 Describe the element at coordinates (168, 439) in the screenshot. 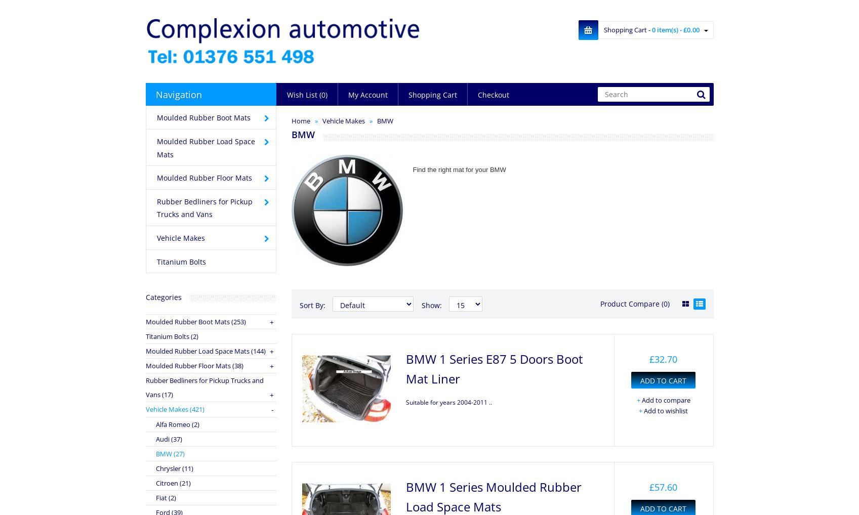

I see `'Audi (37)'` at that location.